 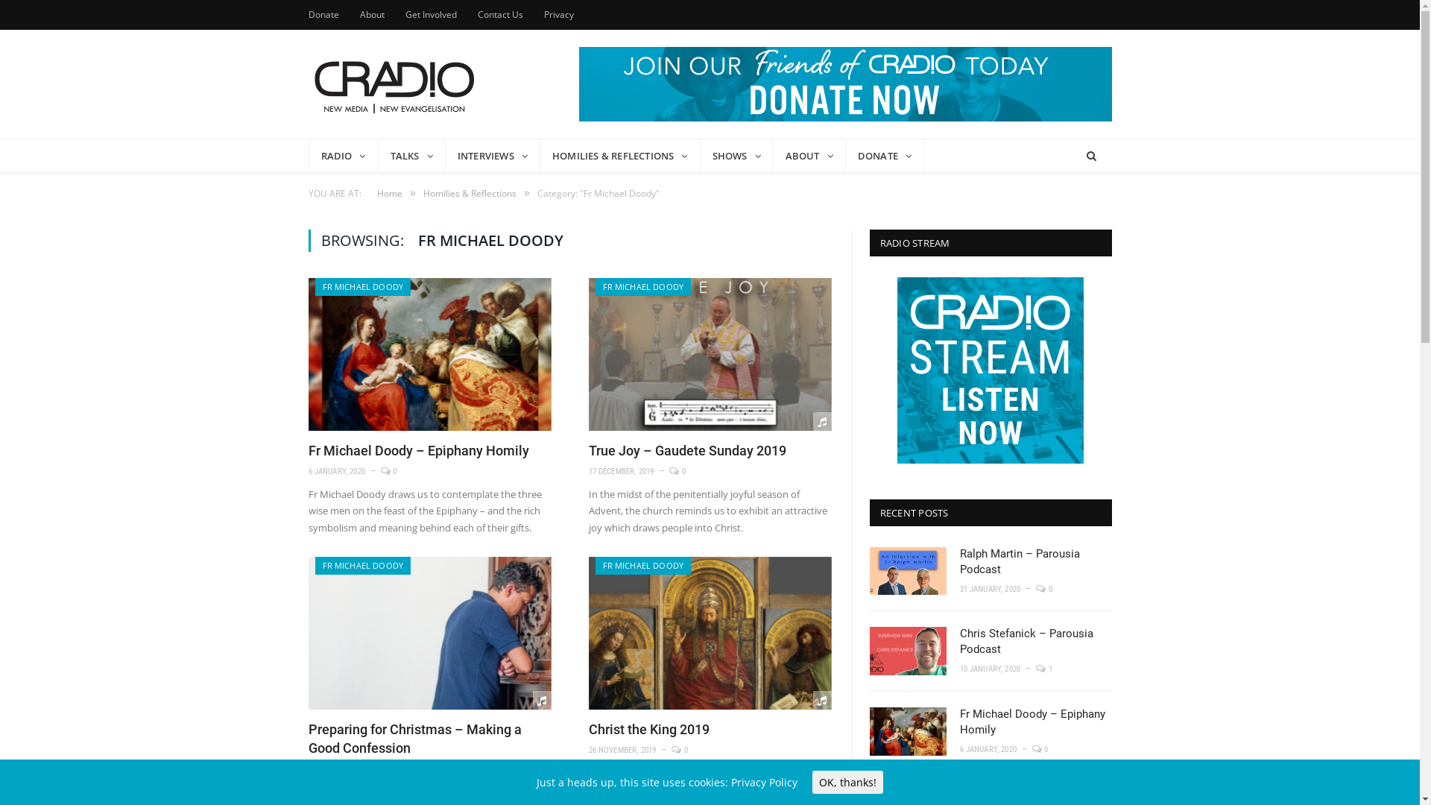 What do you see at coordinates (371, 14) in the screenshot?
I see `'About'` at bounding box center [371, 14].